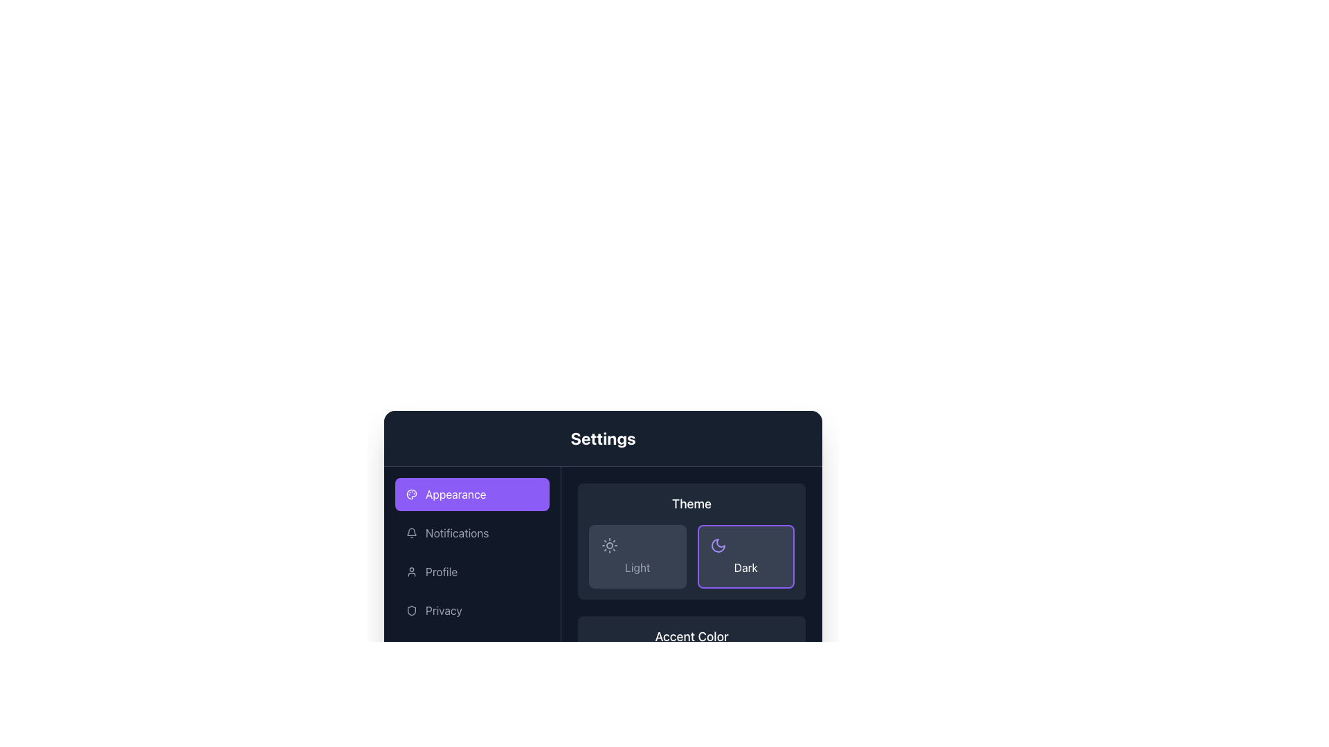 This screenshot has height=747, width=1329. I want to click on the second button under the 'Theme' label, so click(745, 556).